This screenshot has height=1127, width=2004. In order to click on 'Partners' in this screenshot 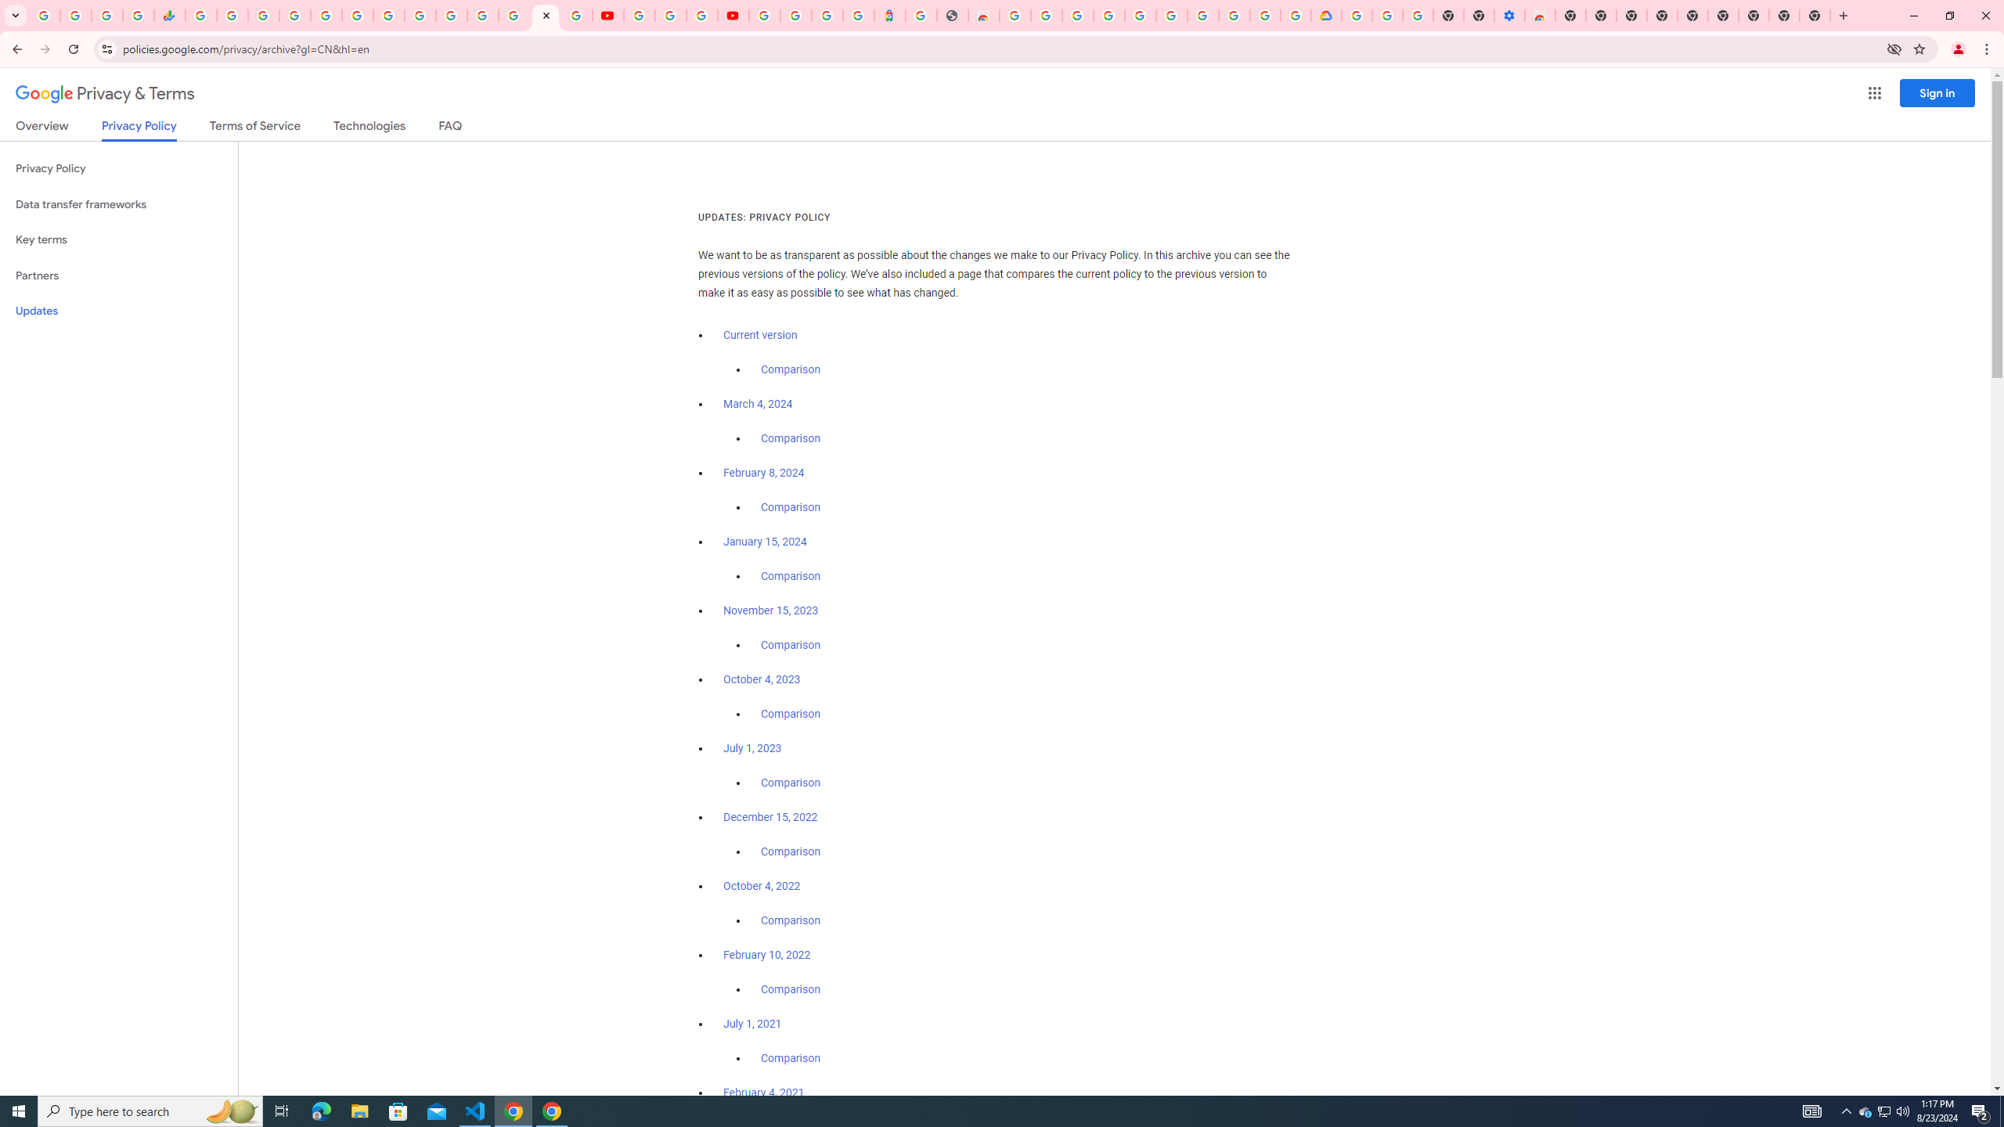, I will do `click(118, 275)`.